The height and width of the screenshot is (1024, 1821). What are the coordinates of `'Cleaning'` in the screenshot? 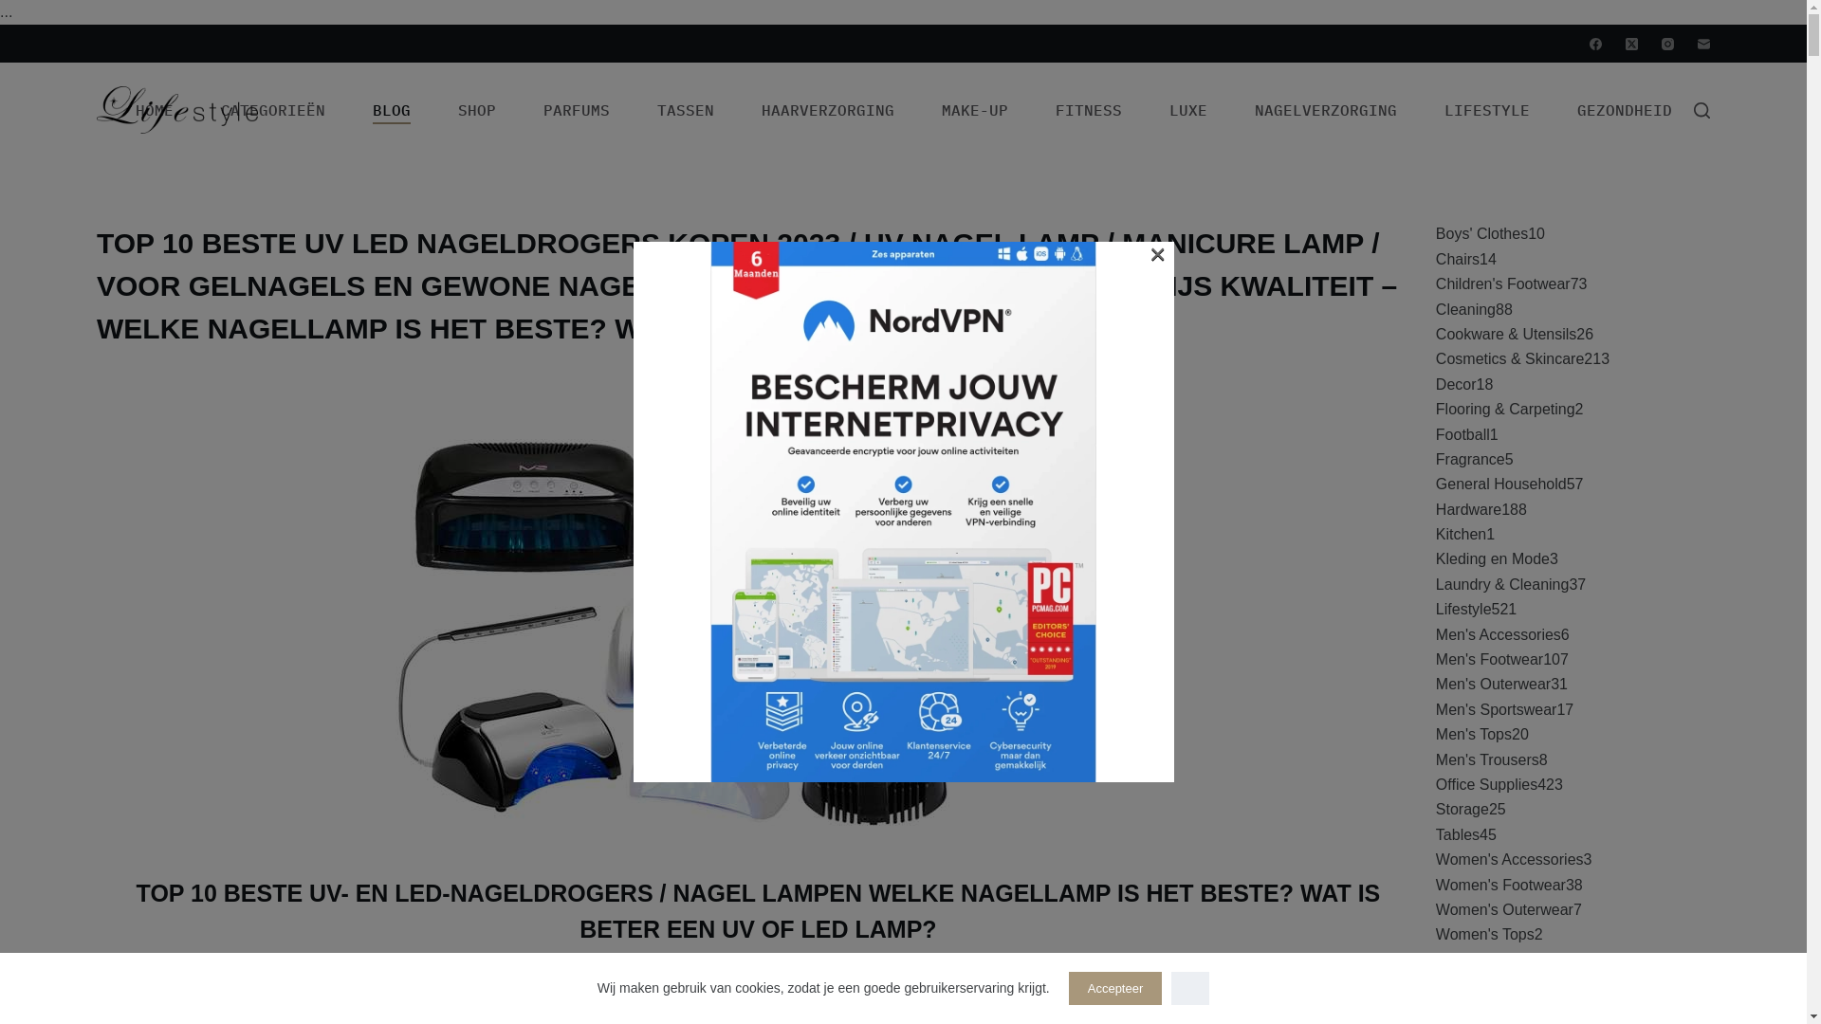 It's located at (1464, 308).